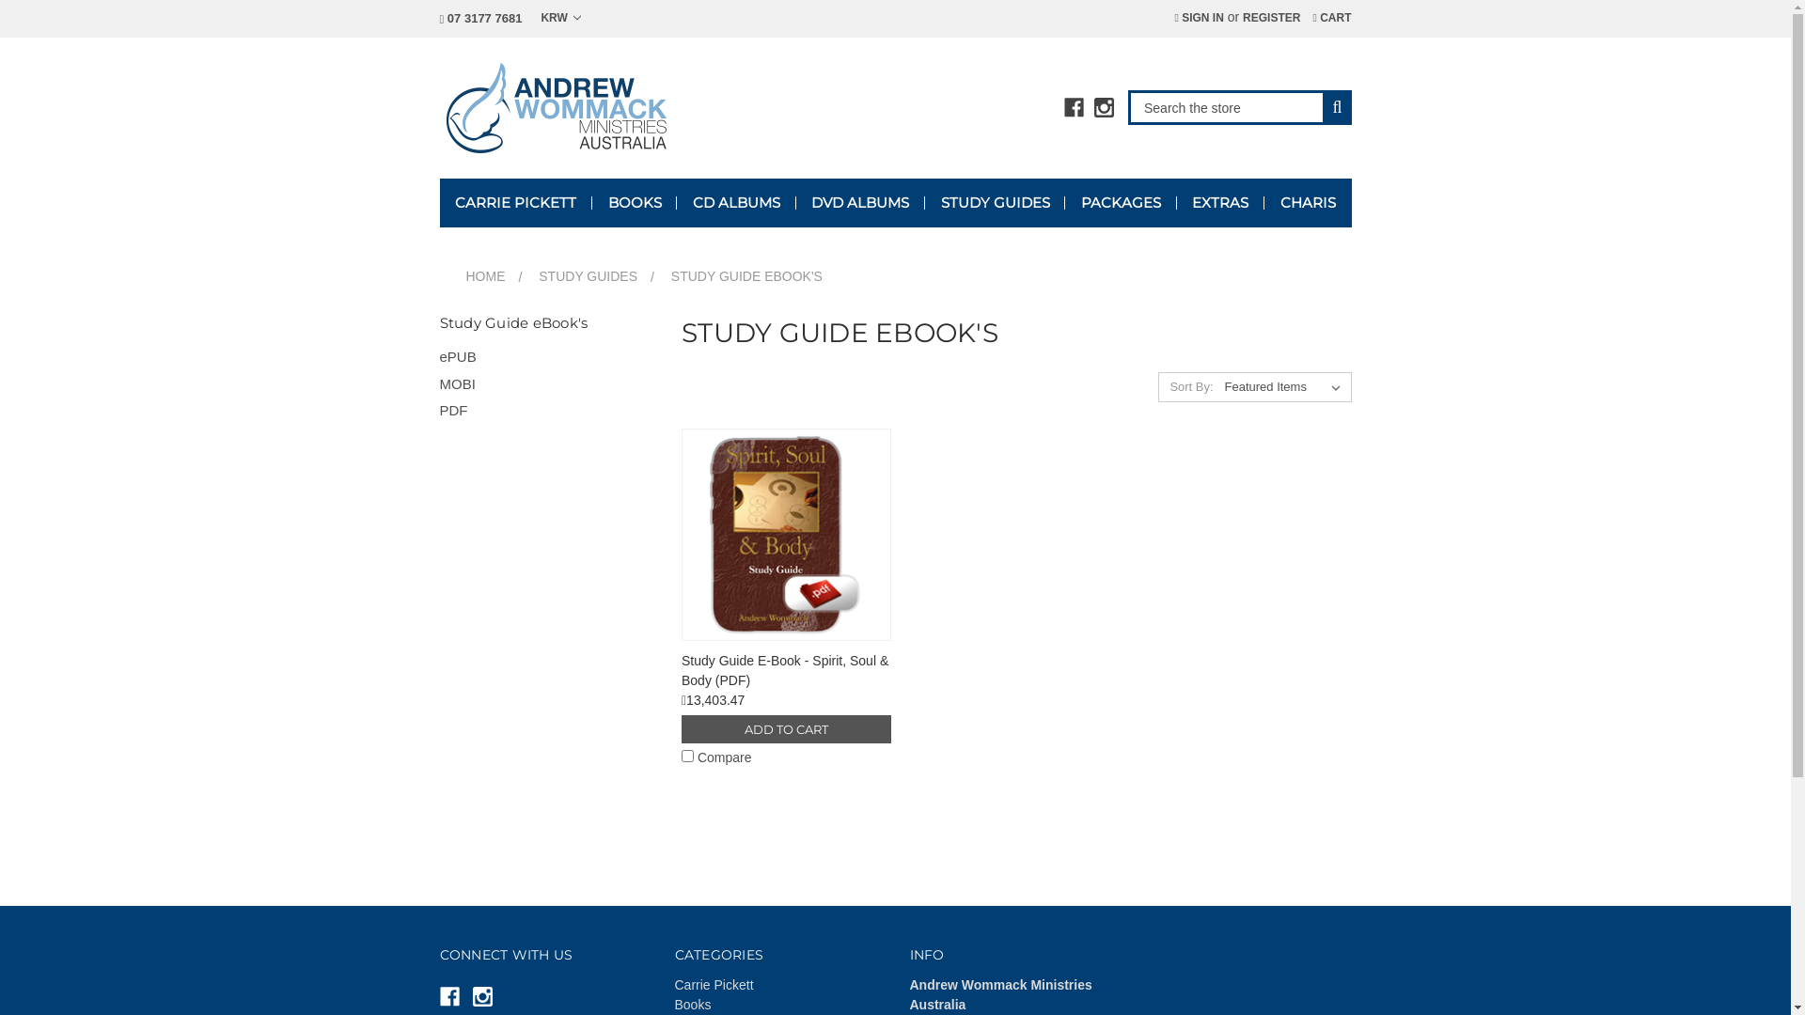  Describe the element at coordinates (438, 107) in the screenshot. I see `'Andrew Wommack Ministries Australia'` at that location.